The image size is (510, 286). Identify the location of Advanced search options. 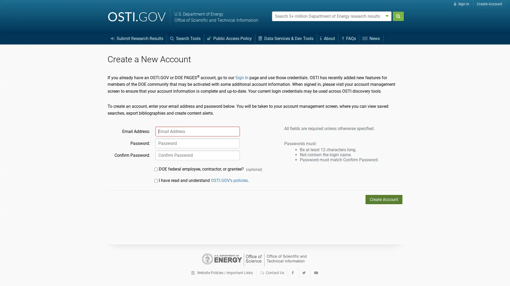
(387, 16).